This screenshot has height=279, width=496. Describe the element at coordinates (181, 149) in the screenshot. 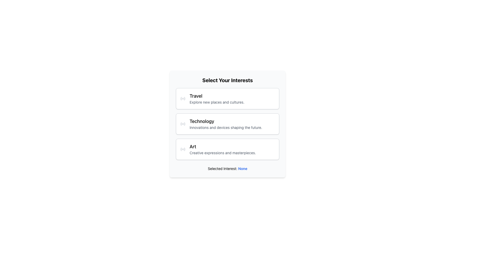

I see `the outermost arc of the radiating signal icon, which is part of the Decorative Icon Component associated with the interest labeled 'Art'` at that location.